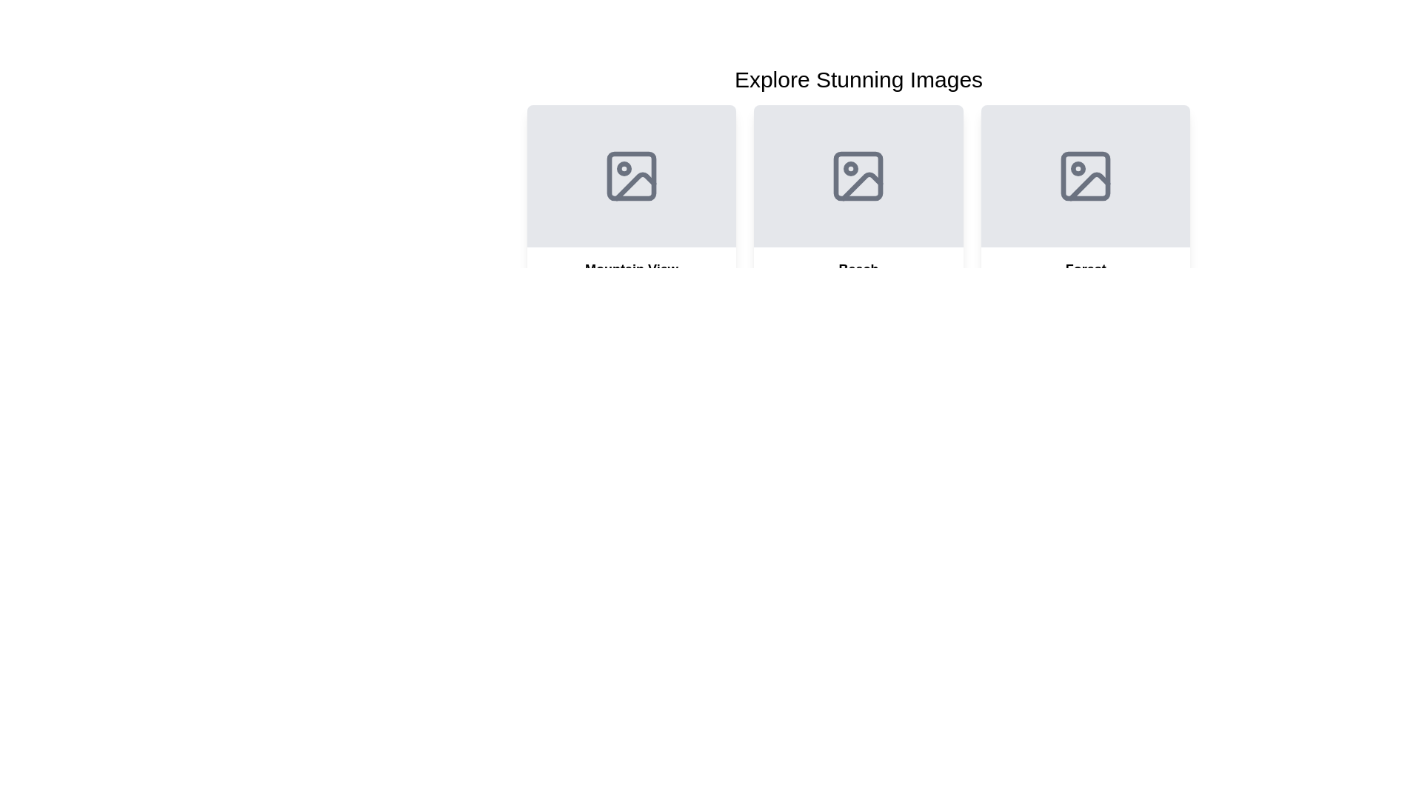 This screenshot has height=800, width=1422. I want to click on the square background shape with rounded corners centered within the 'Forest' icon in the third column of image cards, so click(1086, 176).